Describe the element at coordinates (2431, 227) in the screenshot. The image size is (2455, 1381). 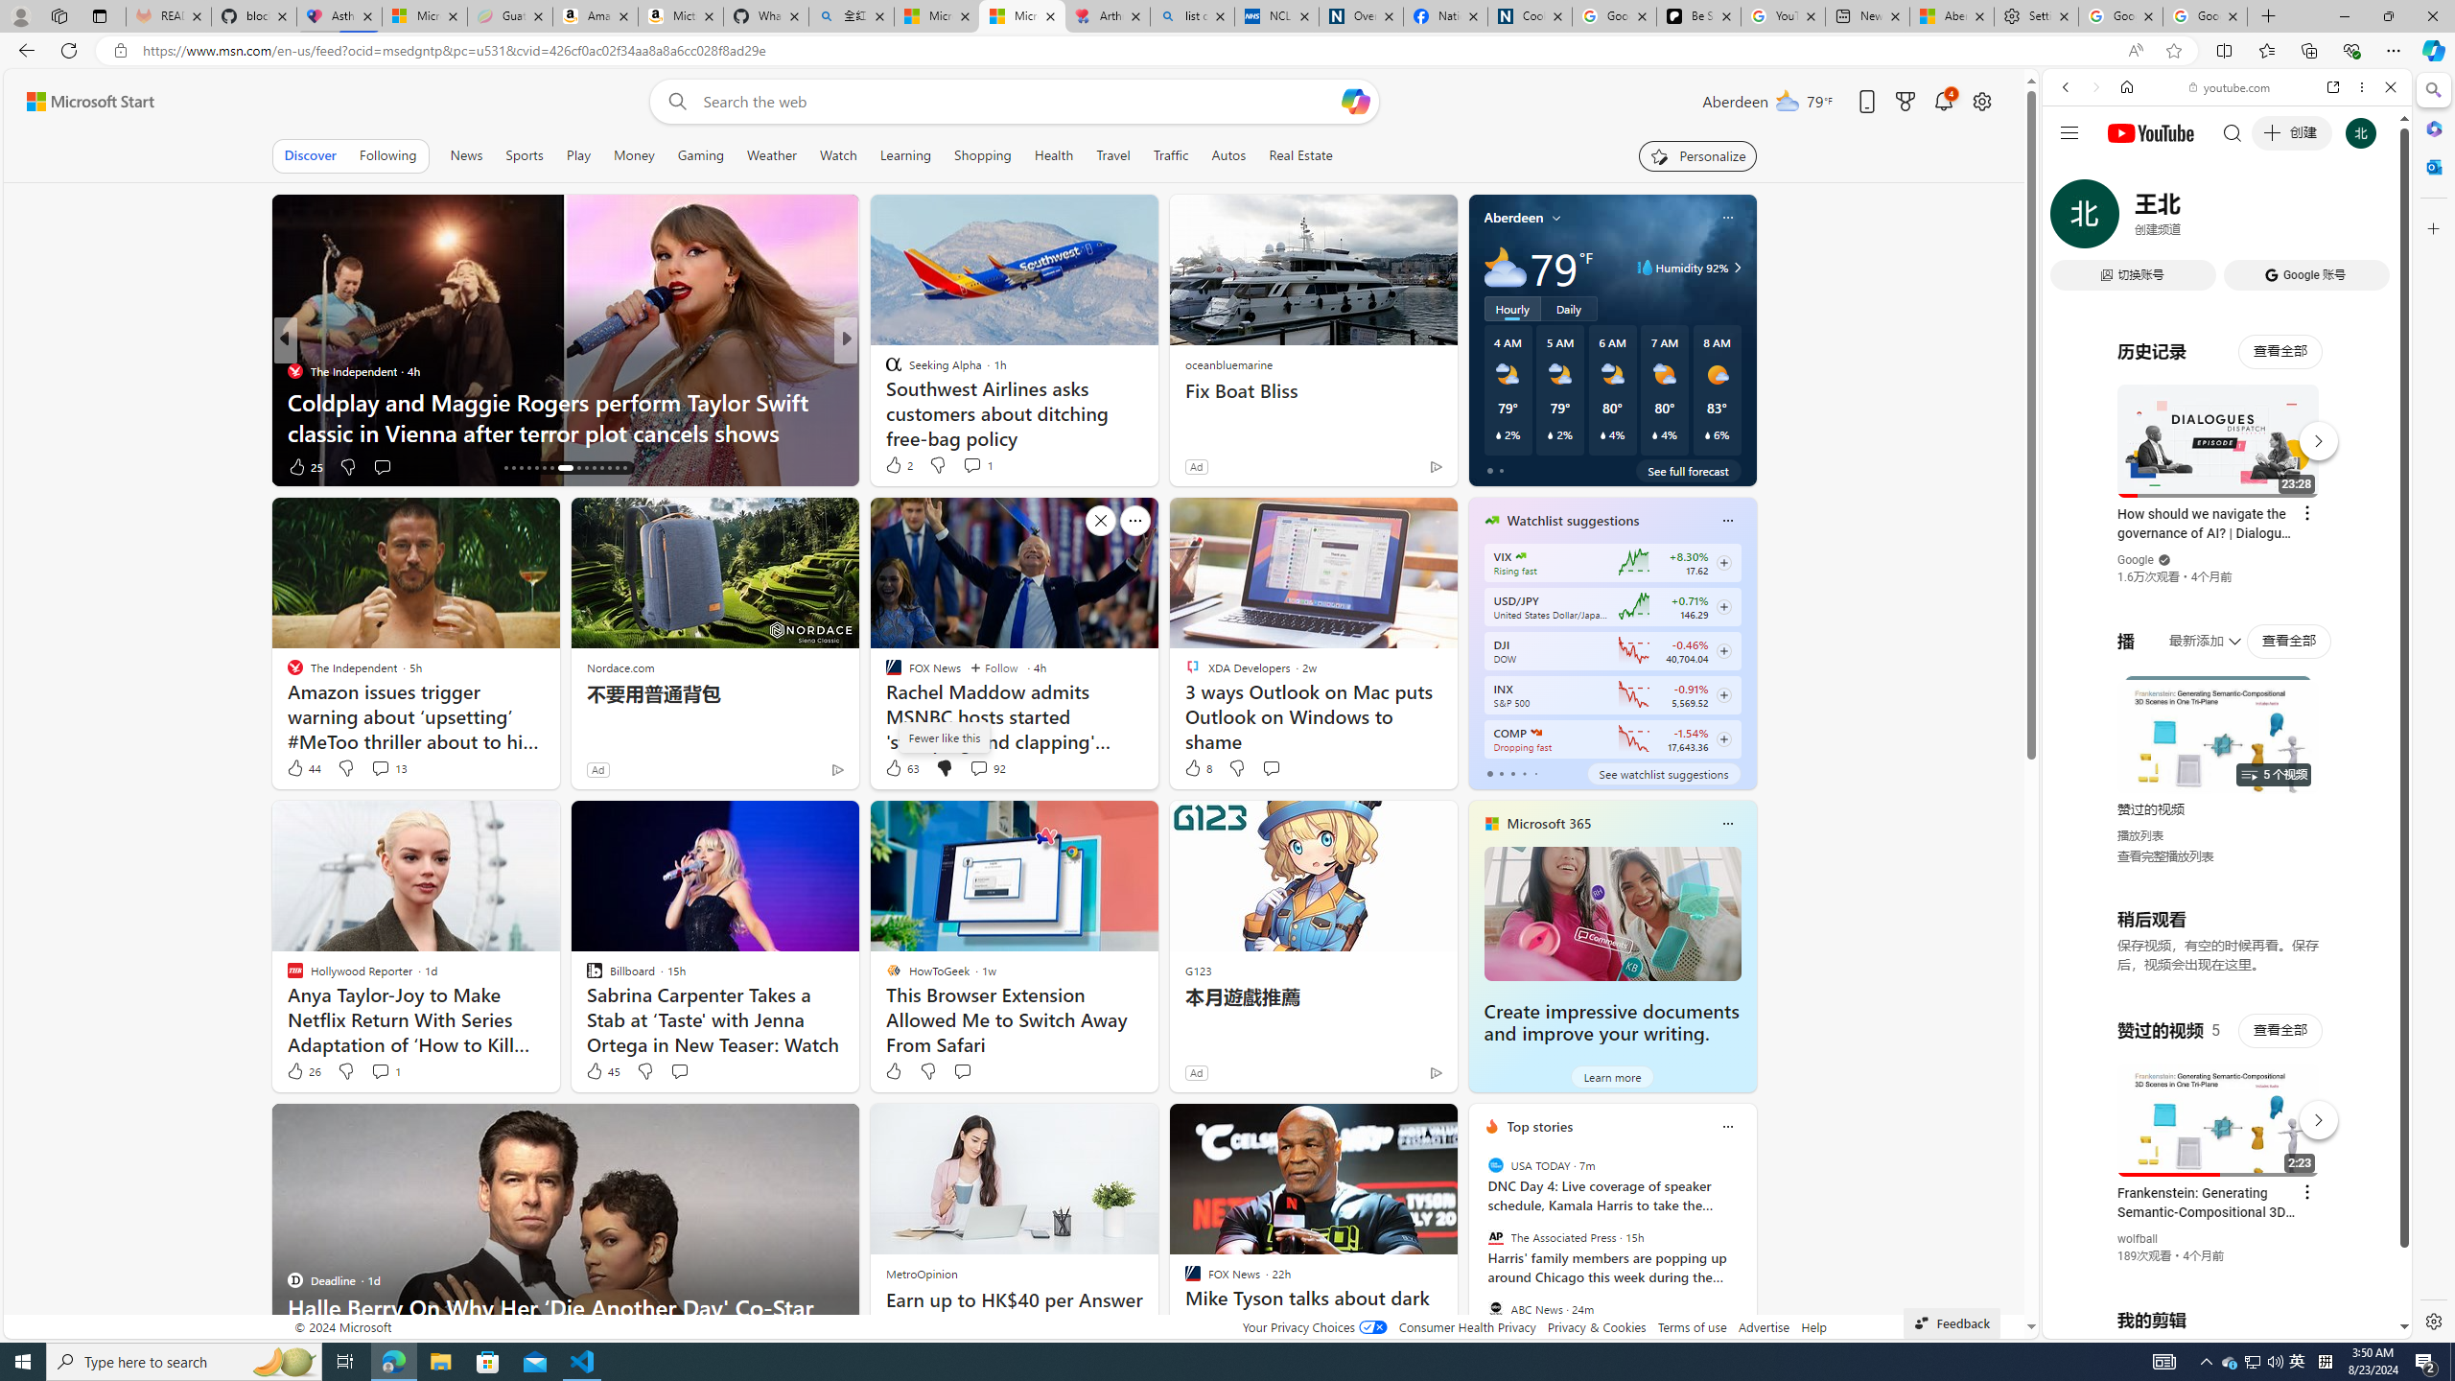
I see `'Close Customize pane'` at that location.